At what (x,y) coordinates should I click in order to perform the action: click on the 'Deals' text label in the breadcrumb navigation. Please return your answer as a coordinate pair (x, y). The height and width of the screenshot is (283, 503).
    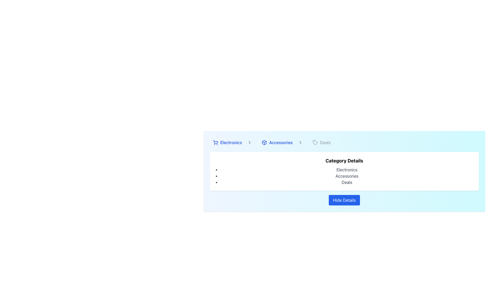
    Looking at the image, I should click on (325, 142).